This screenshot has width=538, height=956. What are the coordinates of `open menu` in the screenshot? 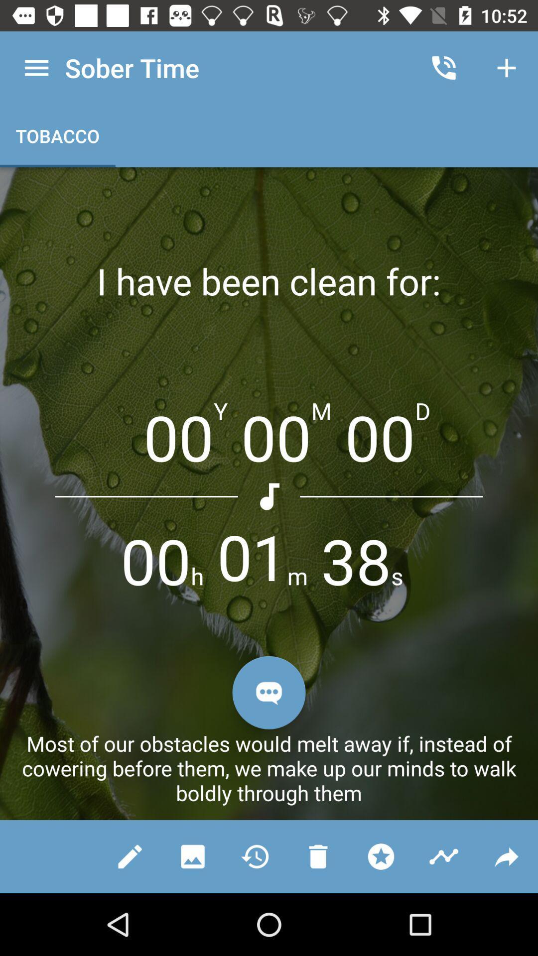 It's located at (36, 67).